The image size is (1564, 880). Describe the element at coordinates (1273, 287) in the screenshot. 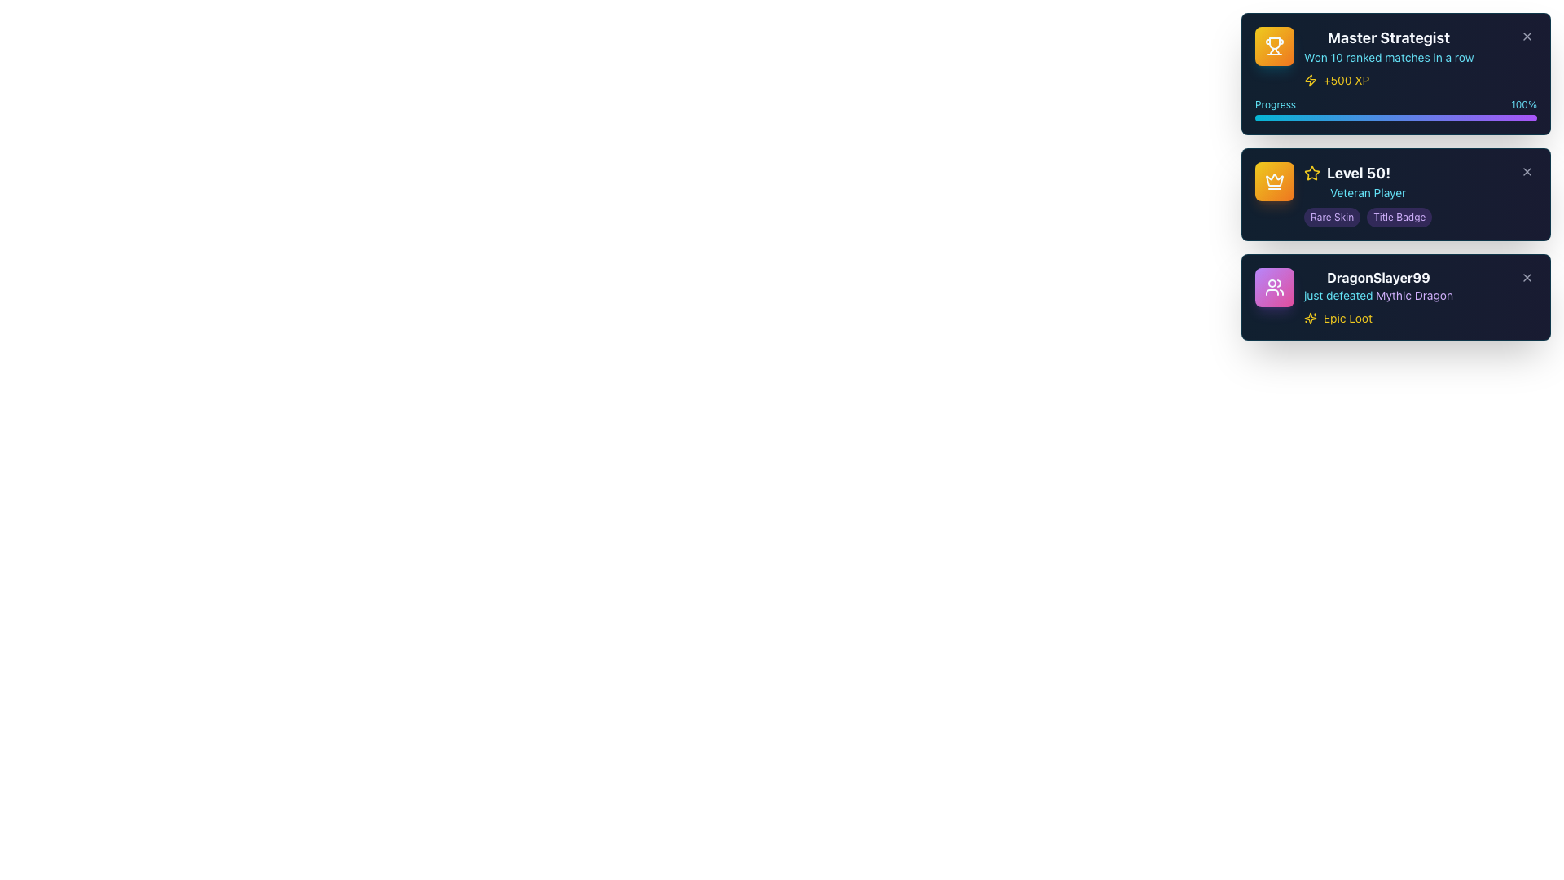

I see `the background card containing the icon in the top-right section of the interface, which is part of the bottom-most notification marked with a pink gradient box` at that location.